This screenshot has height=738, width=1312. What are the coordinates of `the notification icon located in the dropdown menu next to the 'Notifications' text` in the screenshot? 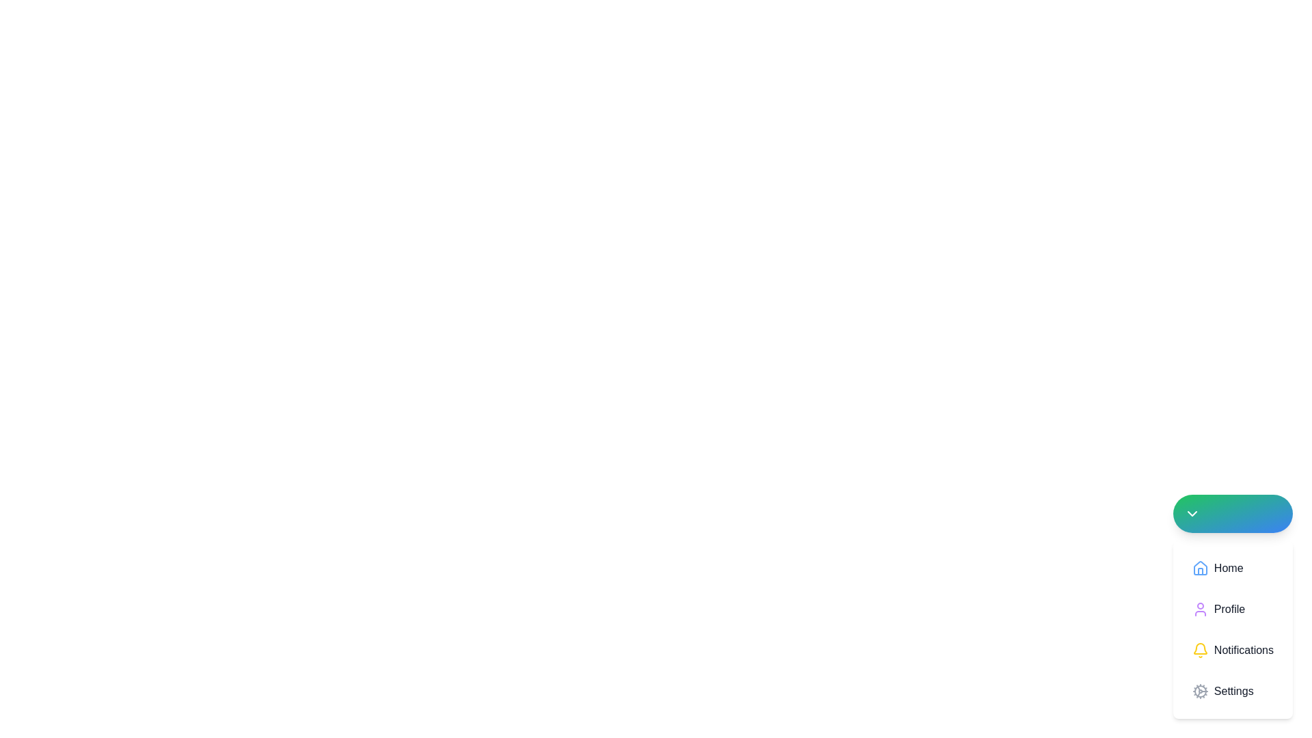 It's located at (1199, 650).